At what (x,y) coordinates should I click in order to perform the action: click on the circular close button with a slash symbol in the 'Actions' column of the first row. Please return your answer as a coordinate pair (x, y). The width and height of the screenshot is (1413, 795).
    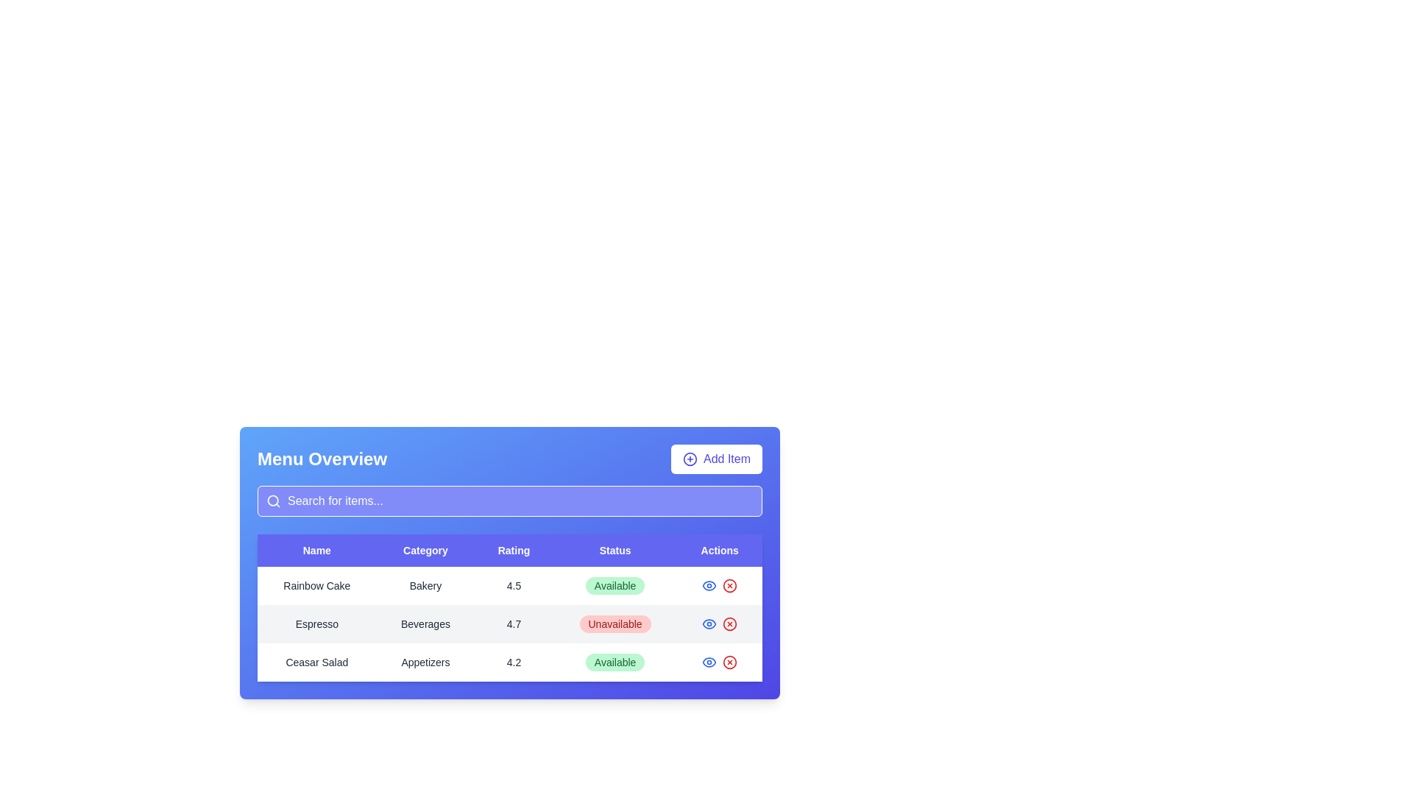
    Looking at the image, I should click on (730, 584).